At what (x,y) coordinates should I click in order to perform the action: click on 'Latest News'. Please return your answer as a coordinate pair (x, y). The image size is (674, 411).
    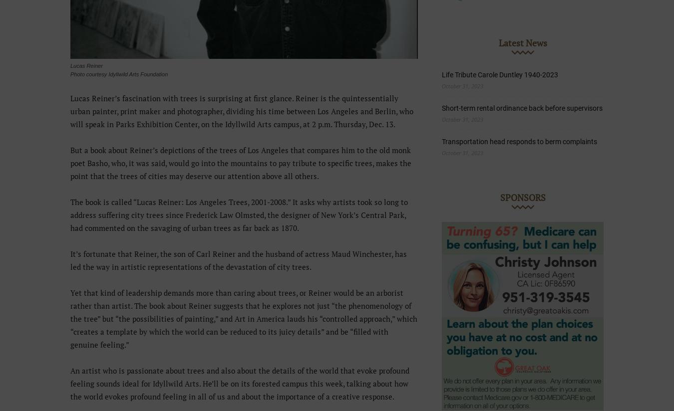
    Looking at the image, I should click on (522, 42).